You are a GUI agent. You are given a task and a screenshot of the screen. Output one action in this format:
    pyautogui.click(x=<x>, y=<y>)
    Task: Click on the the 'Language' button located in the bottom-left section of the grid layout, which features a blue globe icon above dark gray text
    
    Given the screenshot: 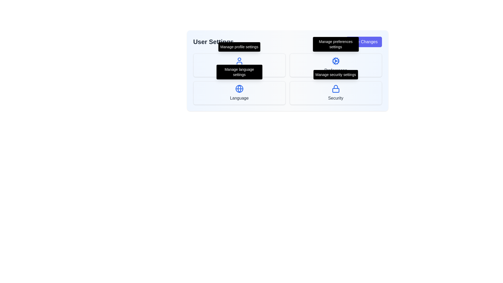 What is the action you would take?
    pyautogui.click(x=239, y=92)
    